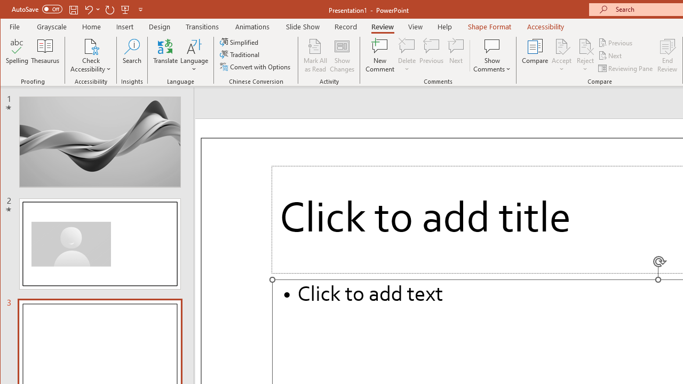 Image resolution: width=683 pixels, height=384 pixels. What do you see at coordinates (561, 45) in the screenshot?
I see `'Accept Change'` at bounding box center [561, 45].